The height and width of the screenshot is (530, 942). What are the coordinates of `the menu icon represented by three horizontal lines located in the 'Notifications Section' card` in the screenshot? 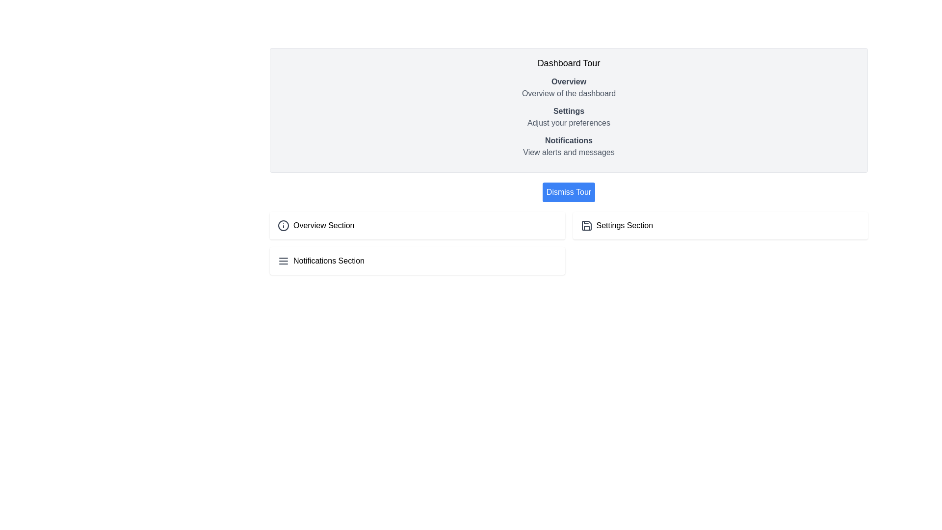 It's located at (283, 261).